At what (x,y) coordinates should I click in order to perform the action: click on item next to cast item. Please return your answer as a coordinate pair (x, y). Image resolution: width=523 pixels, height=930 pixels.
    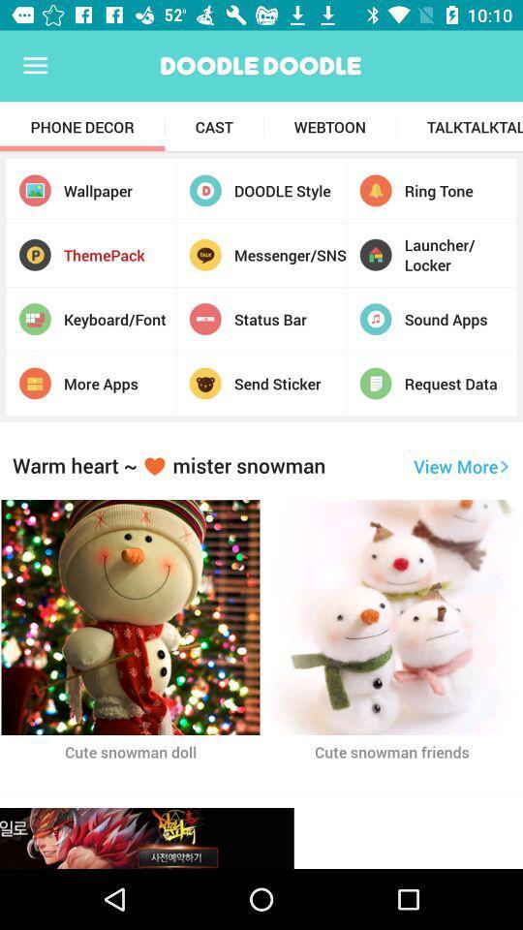
    Looking at the image, I should click on (81, 126).